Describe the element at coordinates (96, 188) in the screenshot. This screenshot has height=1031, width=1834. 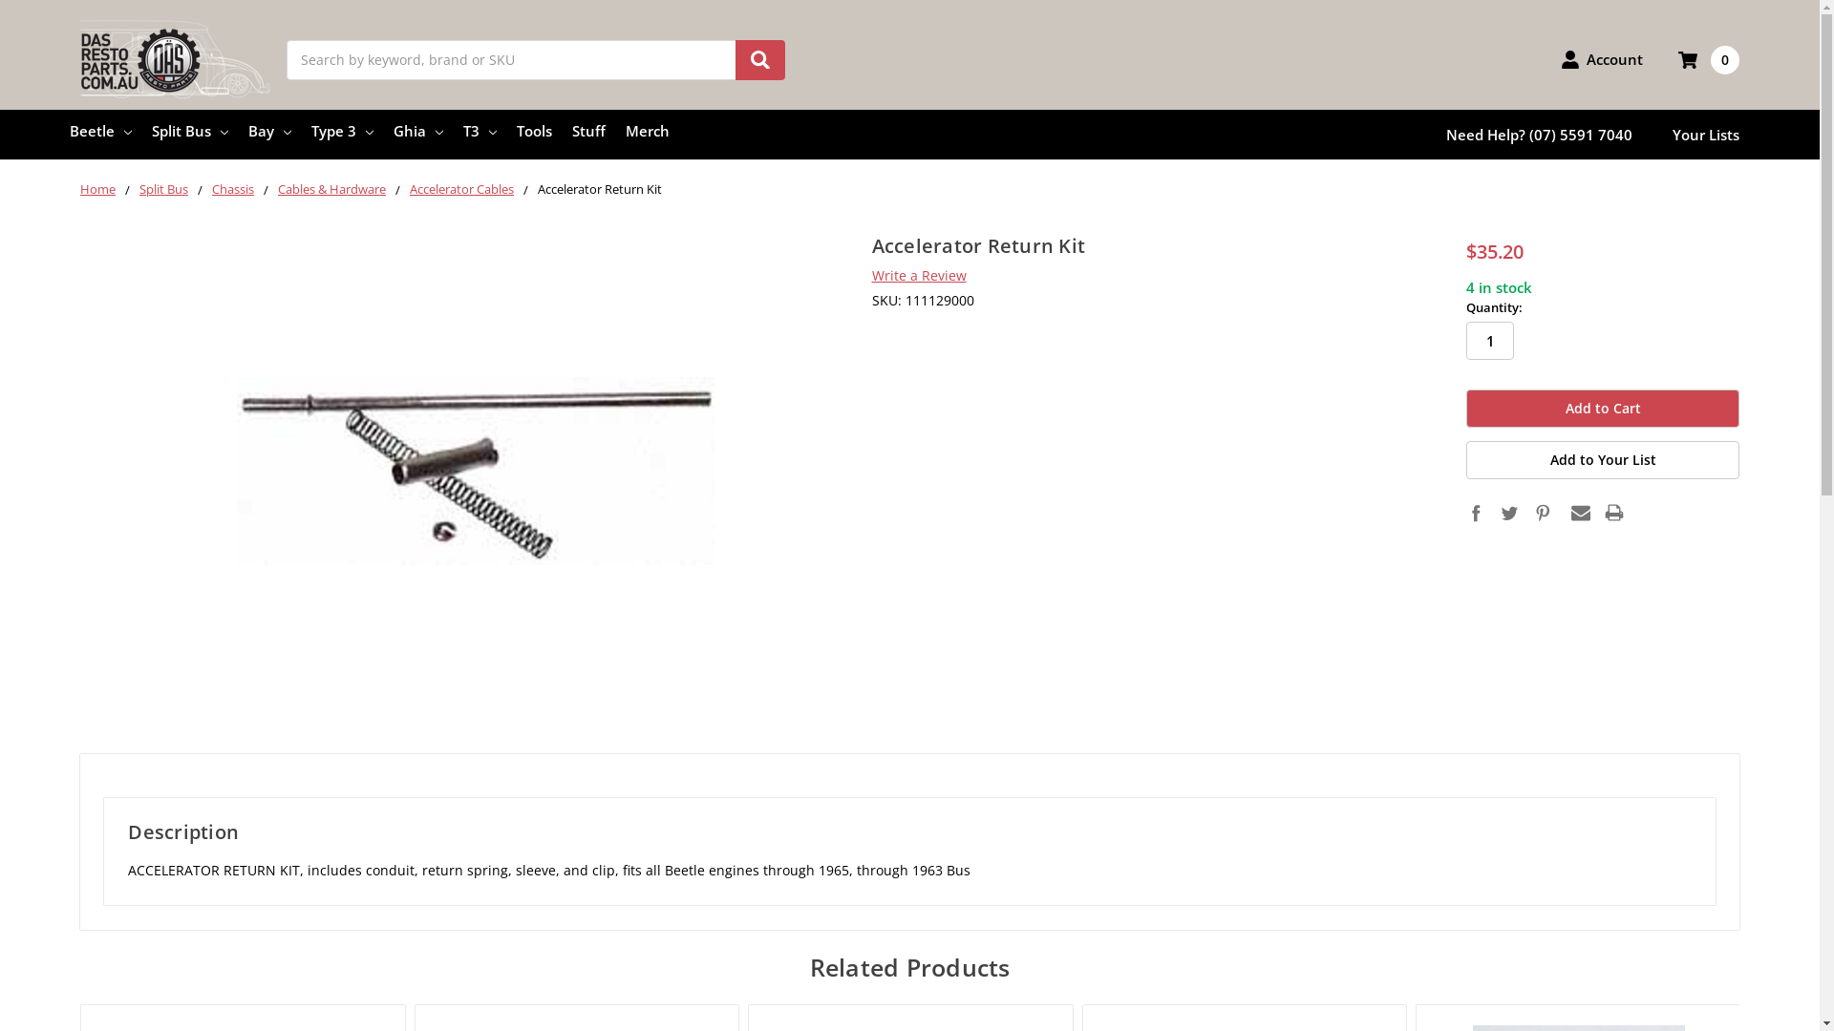
I see `'Home'` at that location.